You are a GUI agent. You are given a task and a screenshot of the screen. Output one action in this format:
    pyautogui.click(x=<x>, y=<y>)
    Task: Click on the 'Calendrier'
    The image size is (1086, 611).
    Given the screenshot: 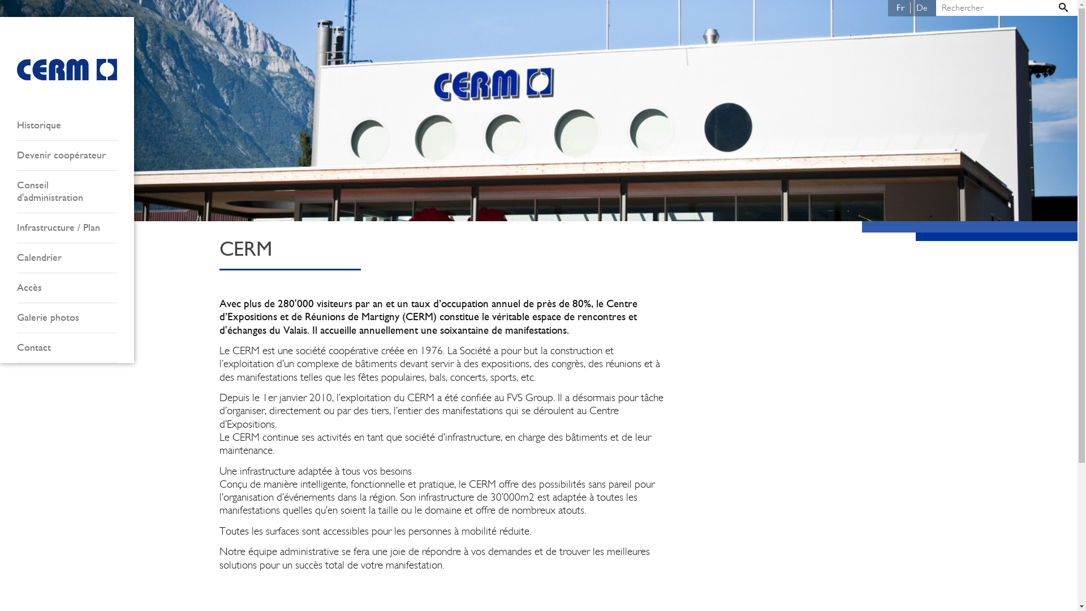 What is the action you would take?
    pyautogui.click(x=66, y=258)
    